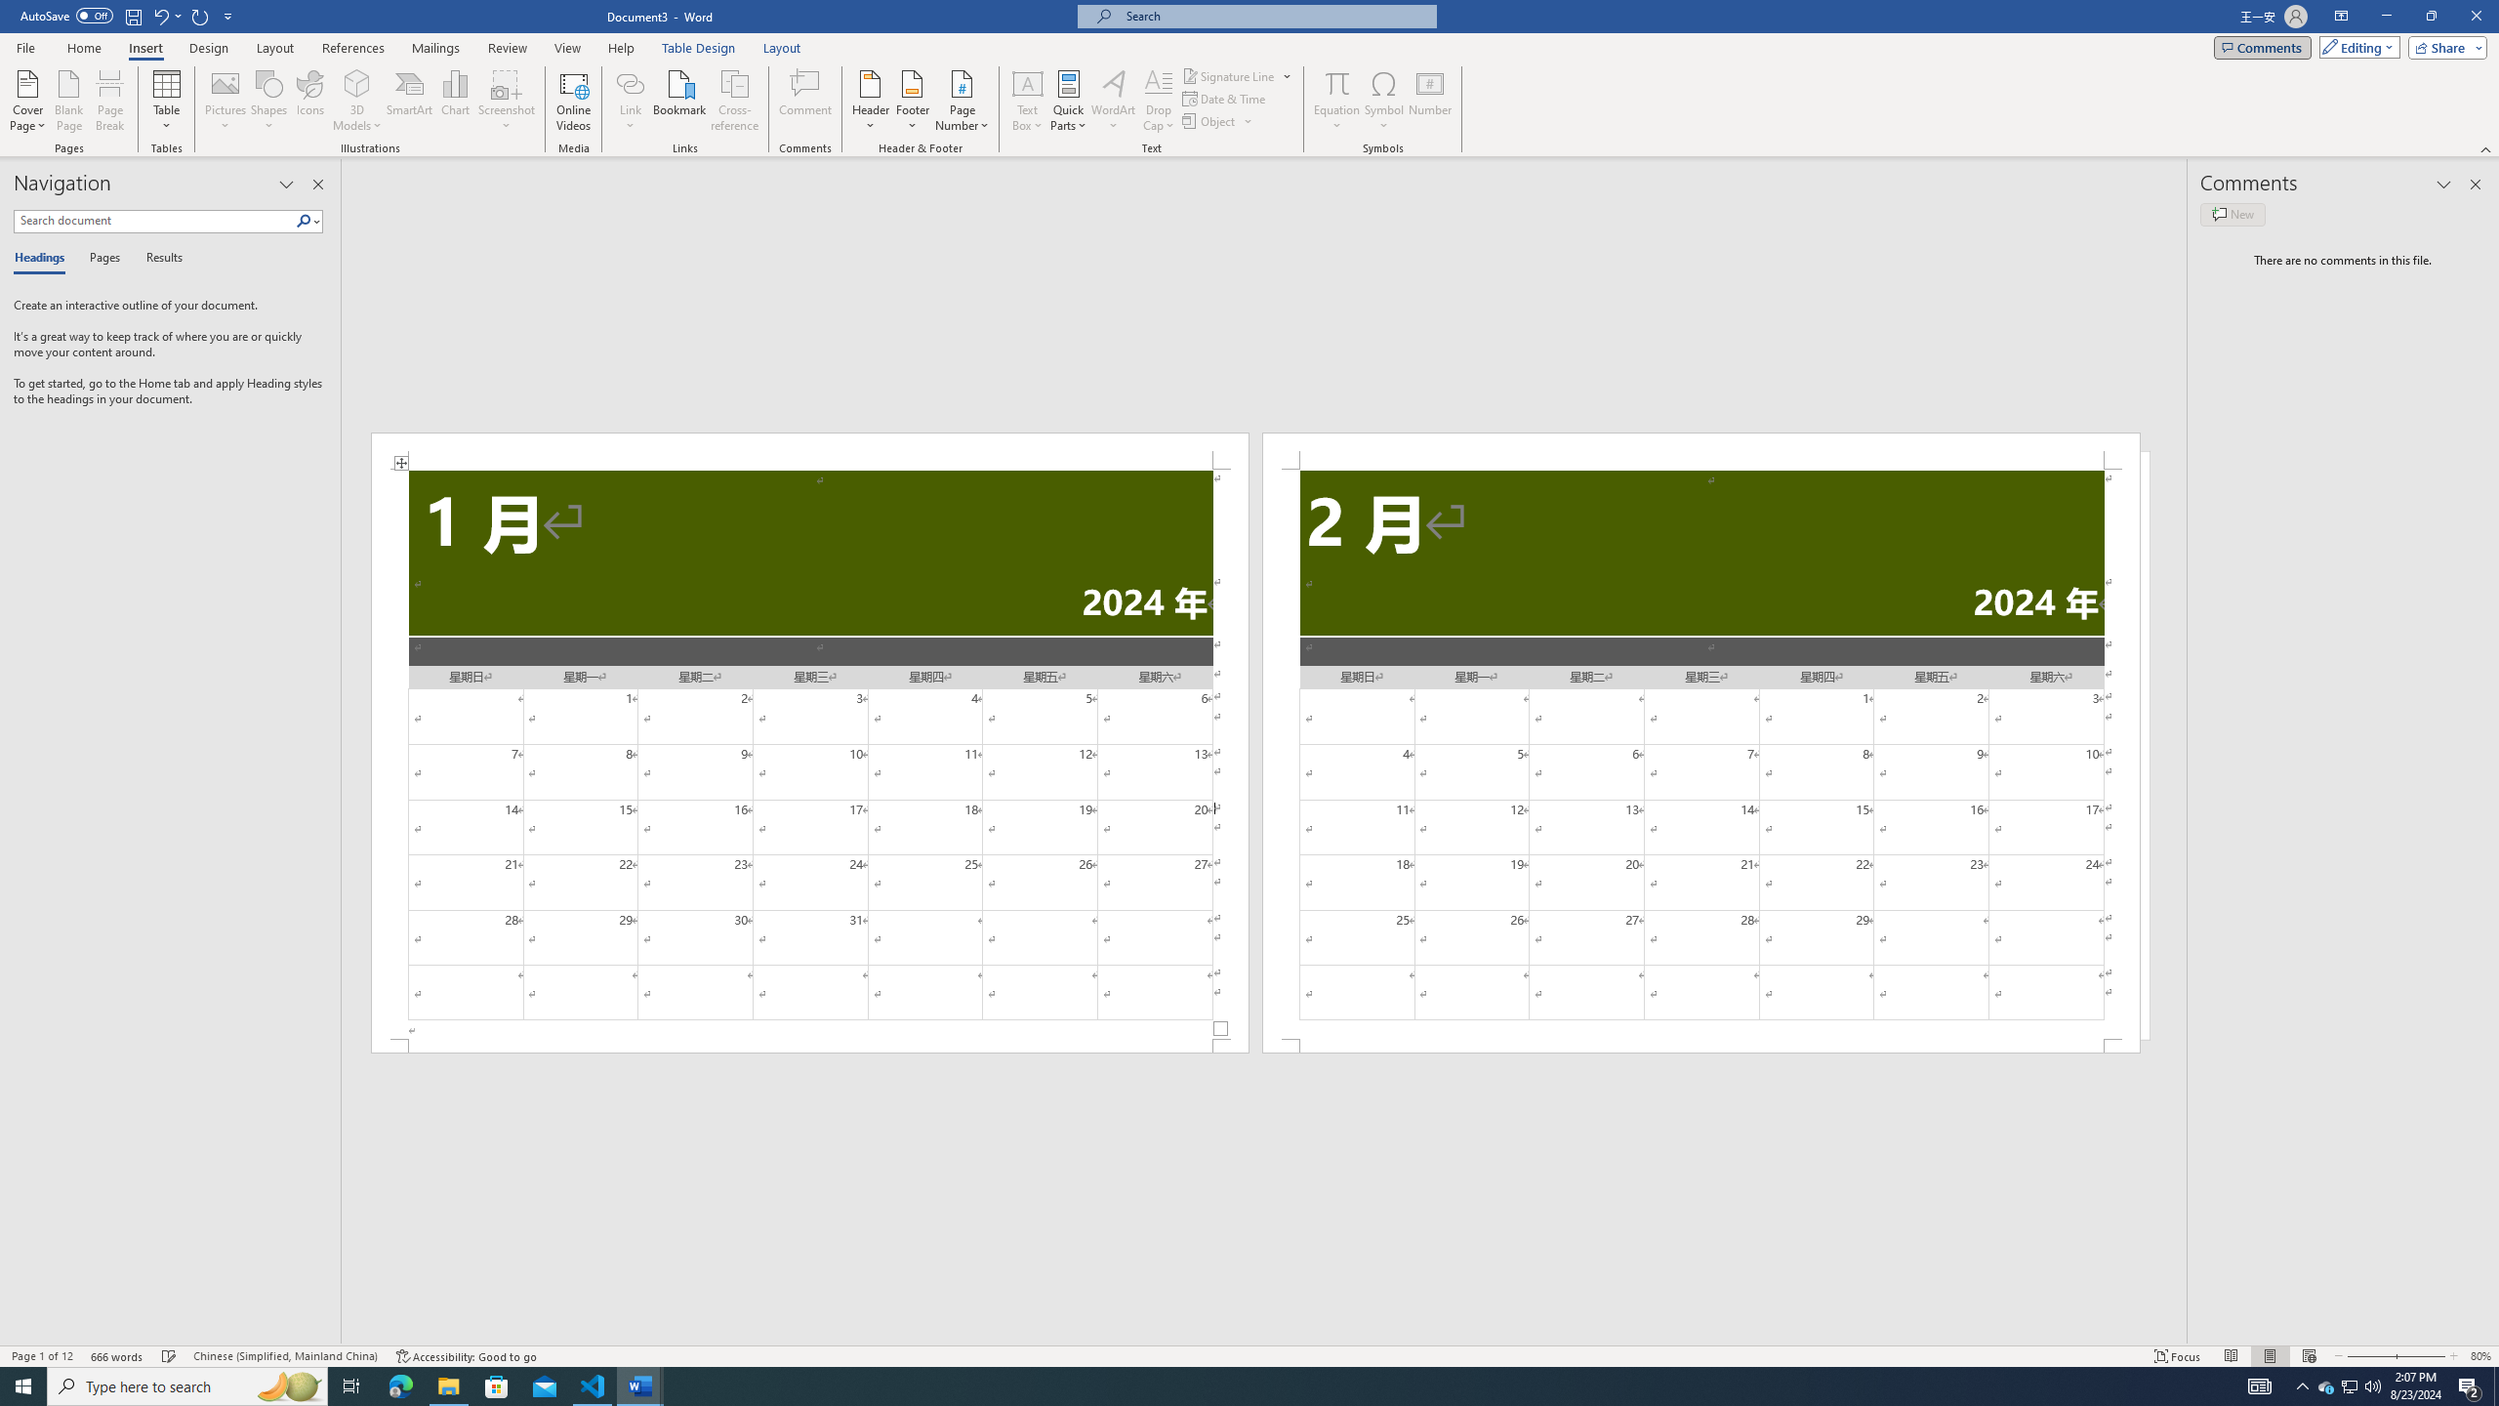  What do you see at coordinates (1700, 1046) in the screenshot?
I see `'Footer -Section 2-'` at bounding box center [1700, 1046].